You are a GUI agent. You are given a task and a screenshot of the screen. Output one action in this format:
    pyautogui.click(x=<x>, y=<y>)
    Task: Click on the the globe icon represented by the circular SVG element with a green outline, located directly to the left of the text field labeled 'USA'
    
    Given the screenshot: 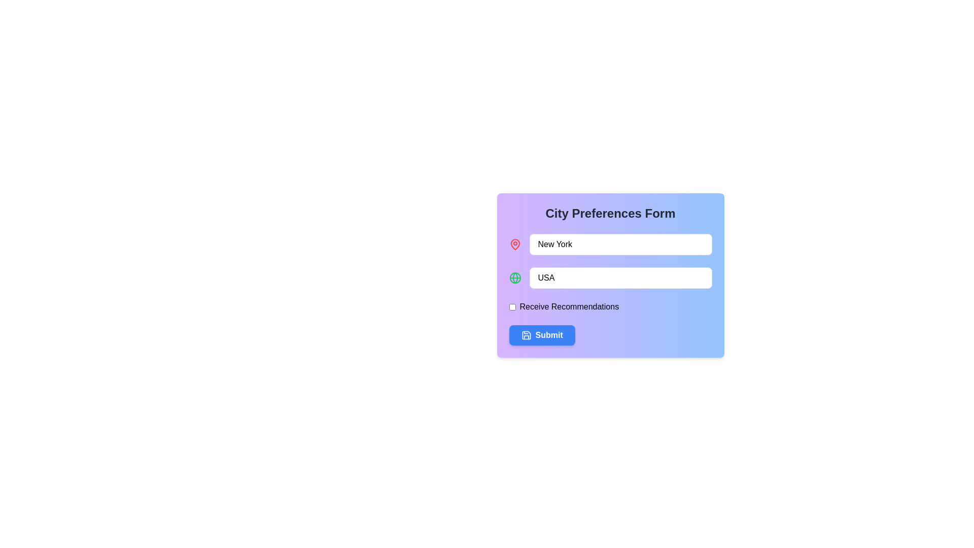 What is the action you would take?
    pyautogui.click(x=515, y=278)
    